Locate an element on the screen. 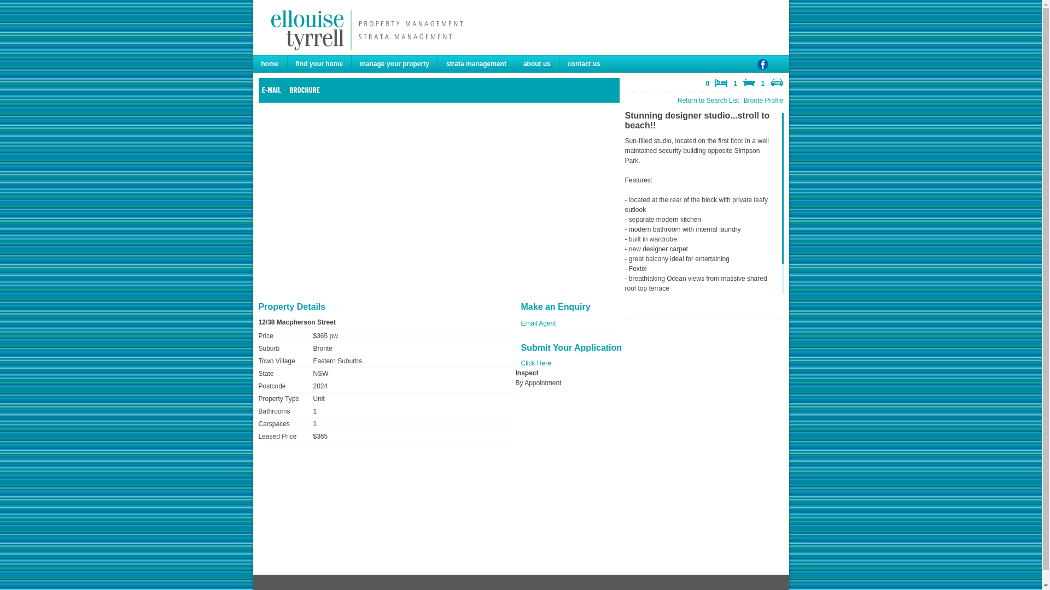  'Email Agent' is located at coordinates (538, 322).